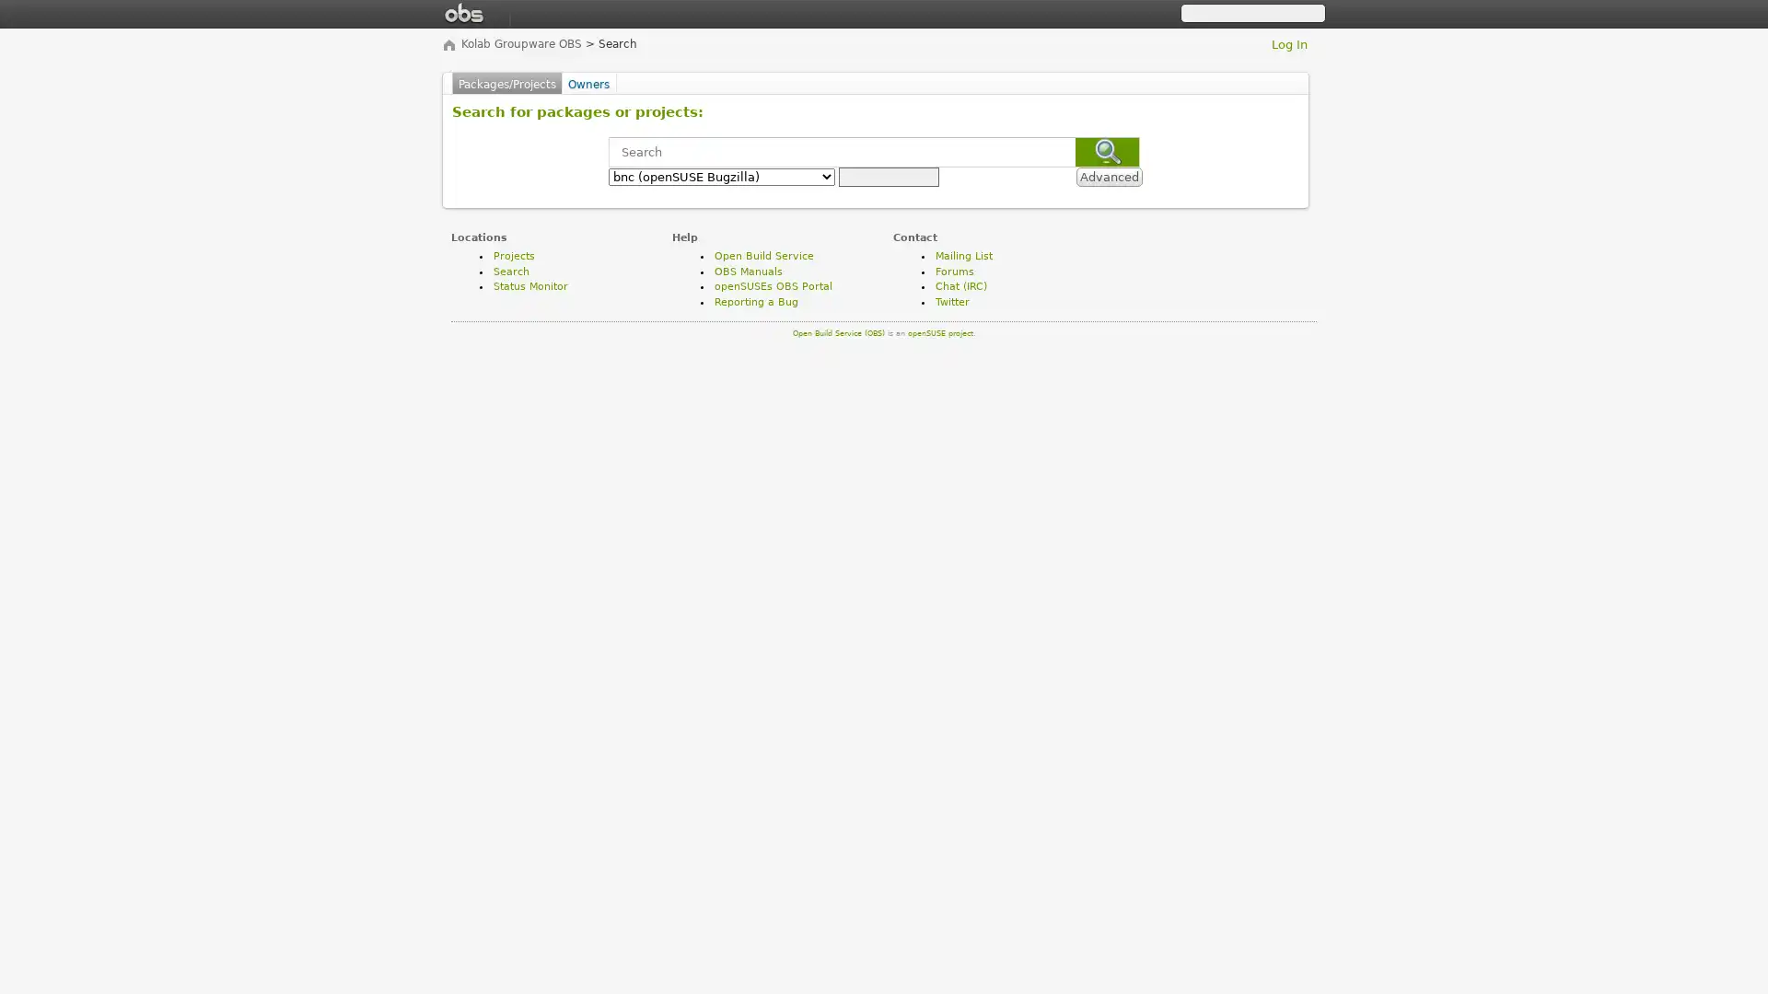 This screenshot has height=994, width=1768. What do you see at coordinates (1107, 151) in the screenshot?
I see `Submit` at bounding box center [1107, 151].